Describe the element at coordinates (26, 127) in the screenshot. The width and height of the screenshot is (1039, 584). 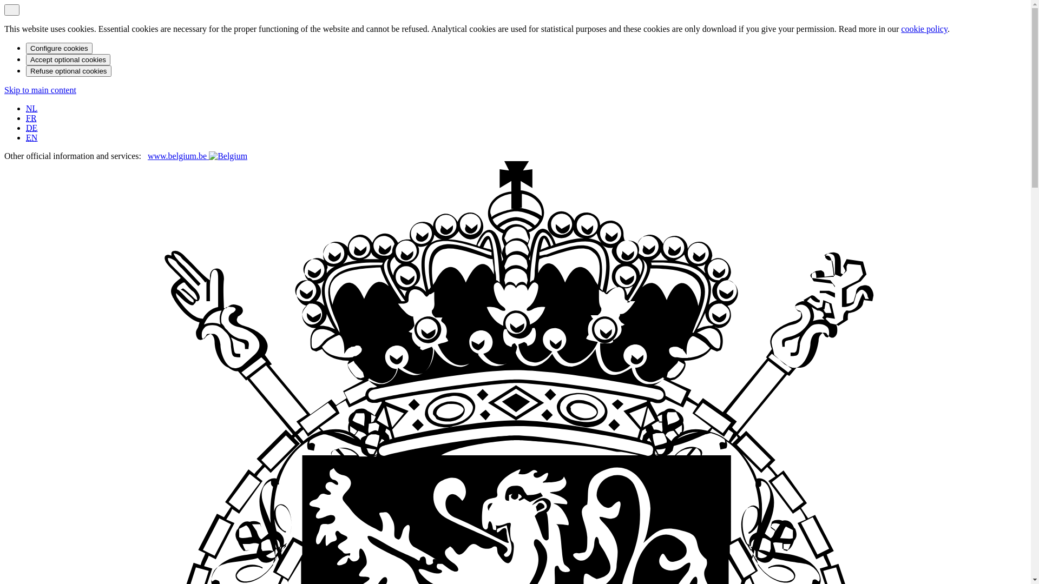
I see `'DE'` at that location.